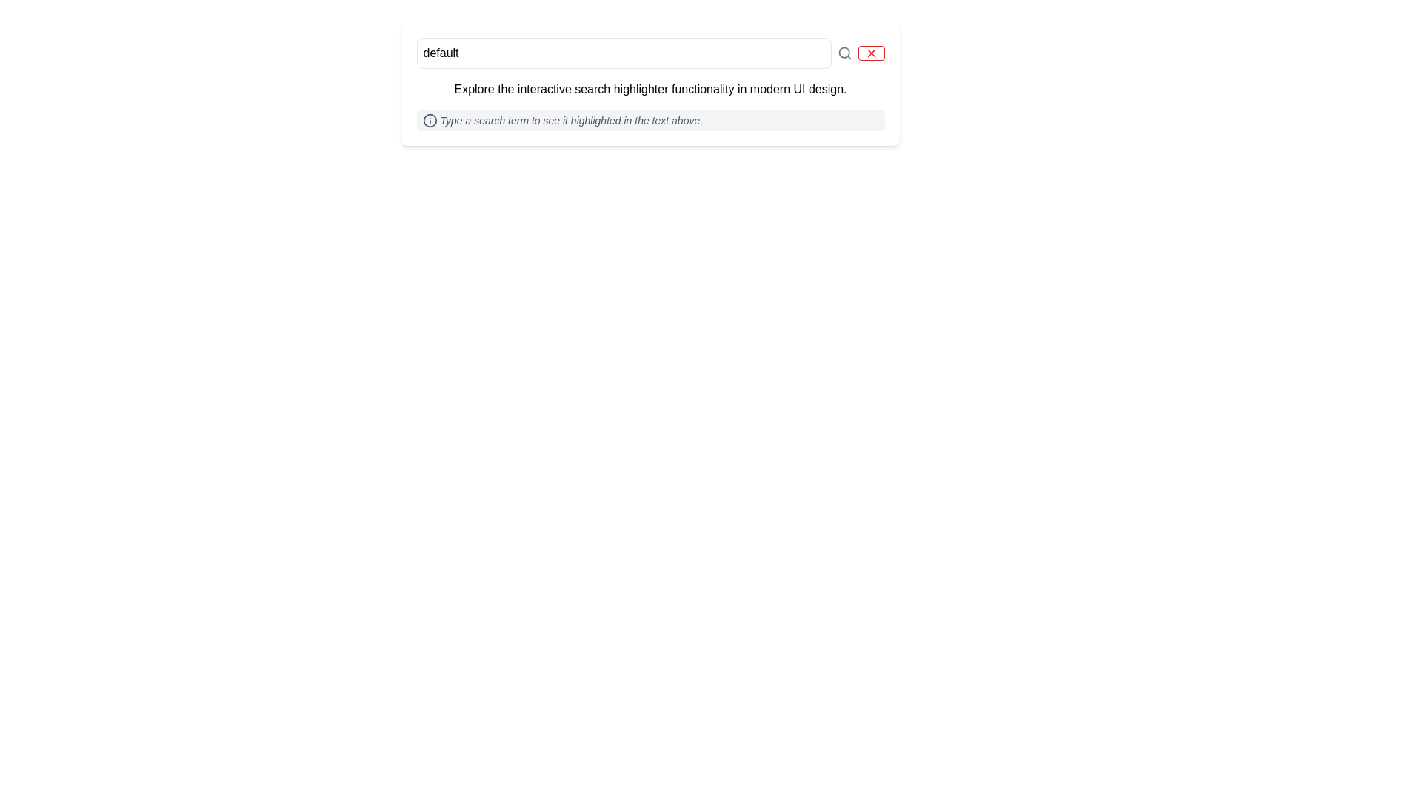 The image size is (1422, 800). Describe the element at coordinates (844, 52) in the screenshot. I see `the circular search icon located on the right-hand side of the search bar, adjacent to the cancel button` at that location.